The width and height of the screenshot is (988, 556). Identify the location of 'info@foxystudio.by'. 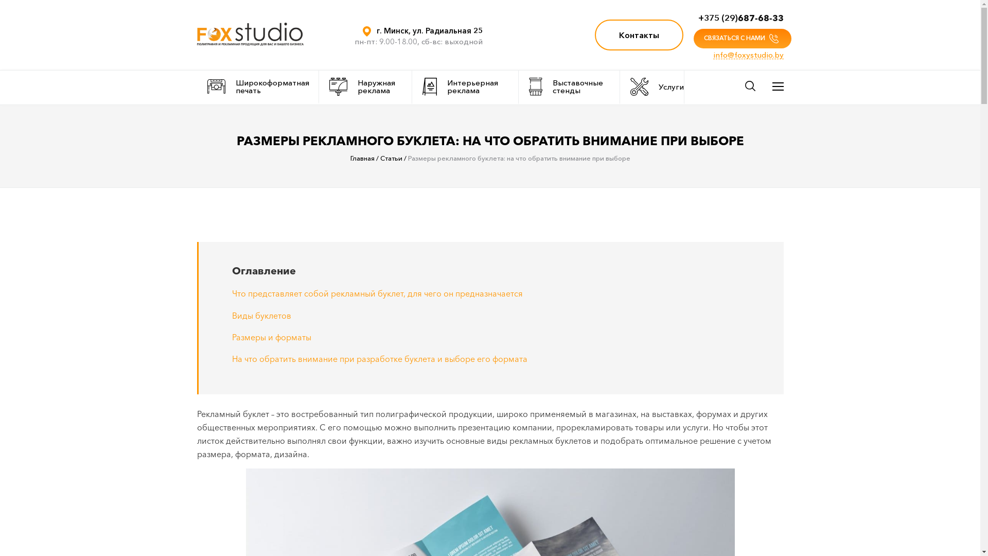
(748, 55).